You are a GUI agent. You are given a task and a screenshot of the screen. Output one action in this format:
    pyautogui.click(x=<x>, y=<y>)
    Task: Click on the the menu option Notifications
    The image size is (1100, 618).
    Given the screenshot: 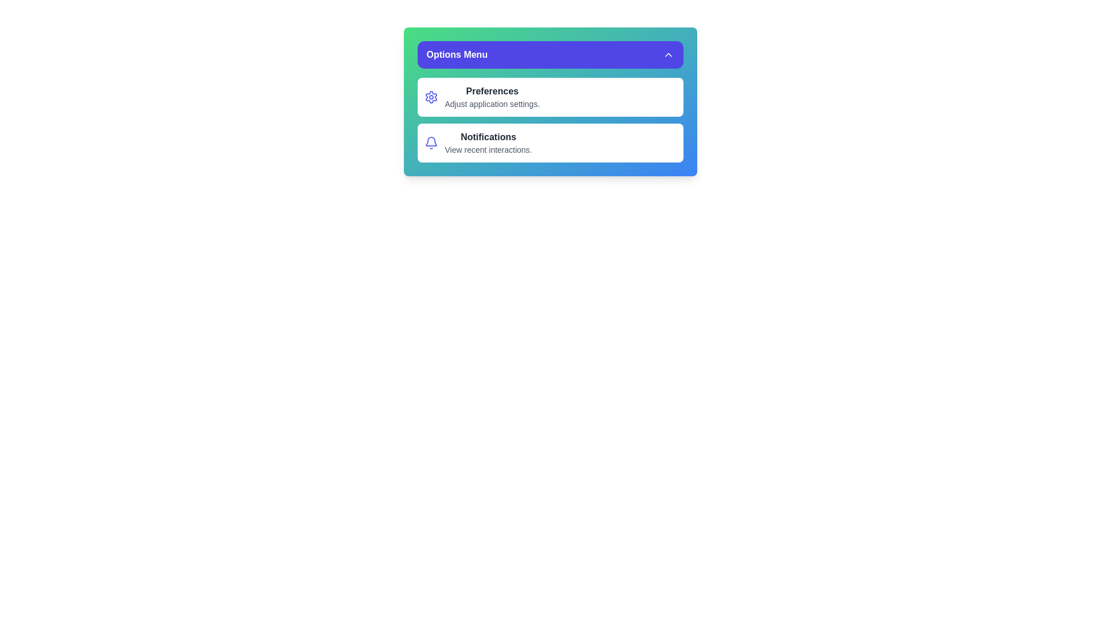 What is the action you would take?
    pyautogui.click(x=550, y=142)
    